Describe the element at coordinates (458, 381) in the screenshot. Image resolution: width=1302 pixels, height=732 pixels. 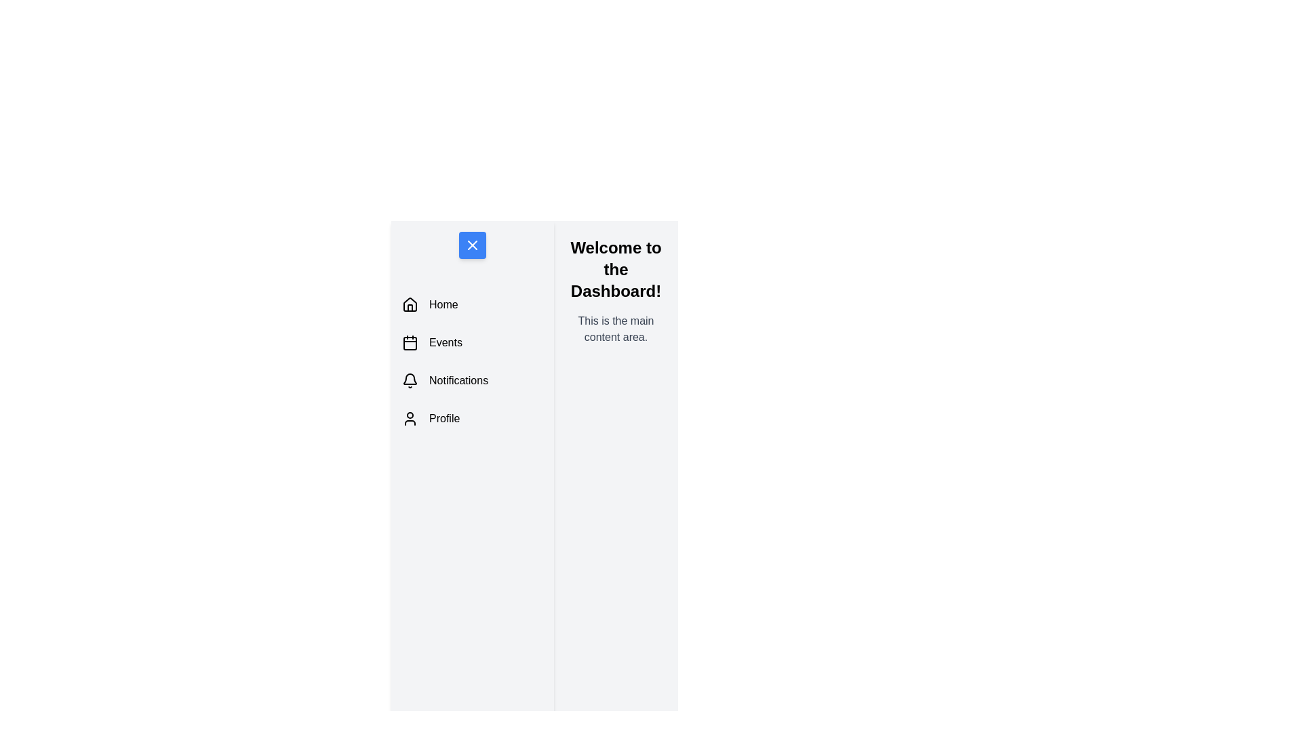
I see `'Notifications' label located in the vertical navigation menu, which is positioned below the 'Events' menu item and above the 'Profile' option` at that location.